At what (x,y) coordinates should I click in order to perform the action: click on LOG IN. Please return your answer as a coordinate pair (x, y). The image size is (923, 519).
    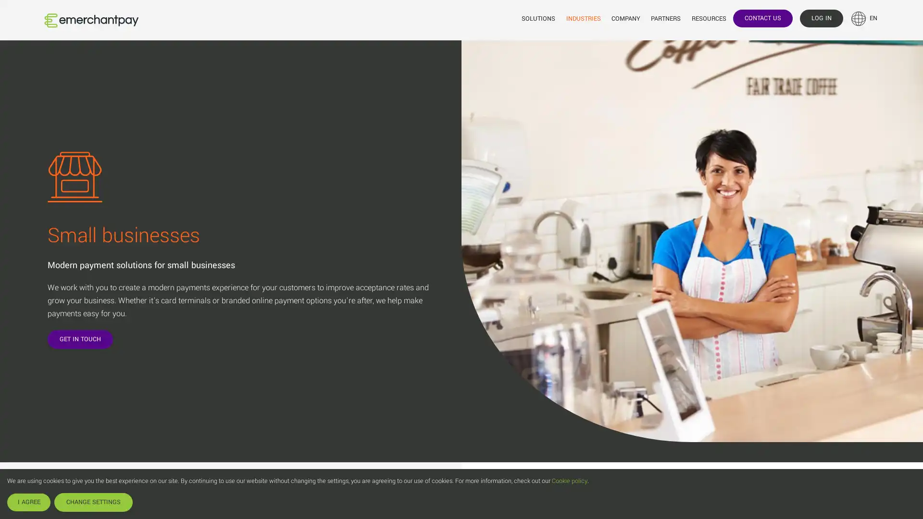
    Looking at the image, I should click on (821, 18).